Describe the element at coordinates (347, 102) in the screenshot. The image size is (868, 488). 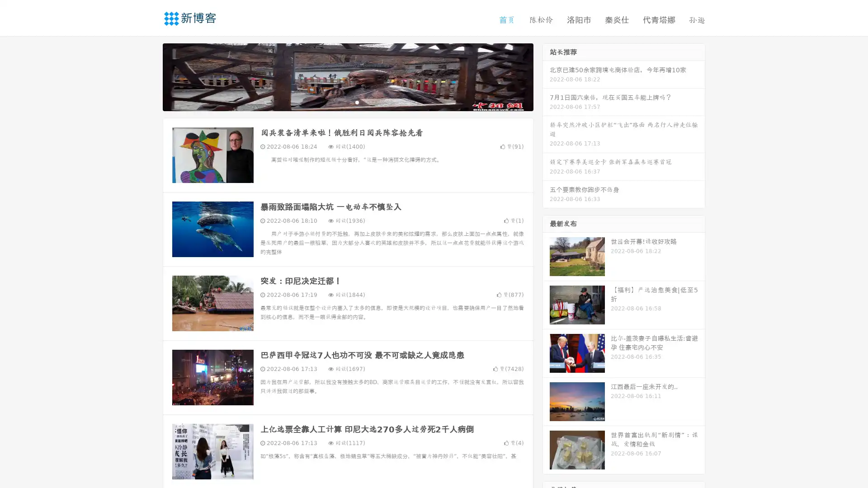
I see `Go to slide 2` at that location.